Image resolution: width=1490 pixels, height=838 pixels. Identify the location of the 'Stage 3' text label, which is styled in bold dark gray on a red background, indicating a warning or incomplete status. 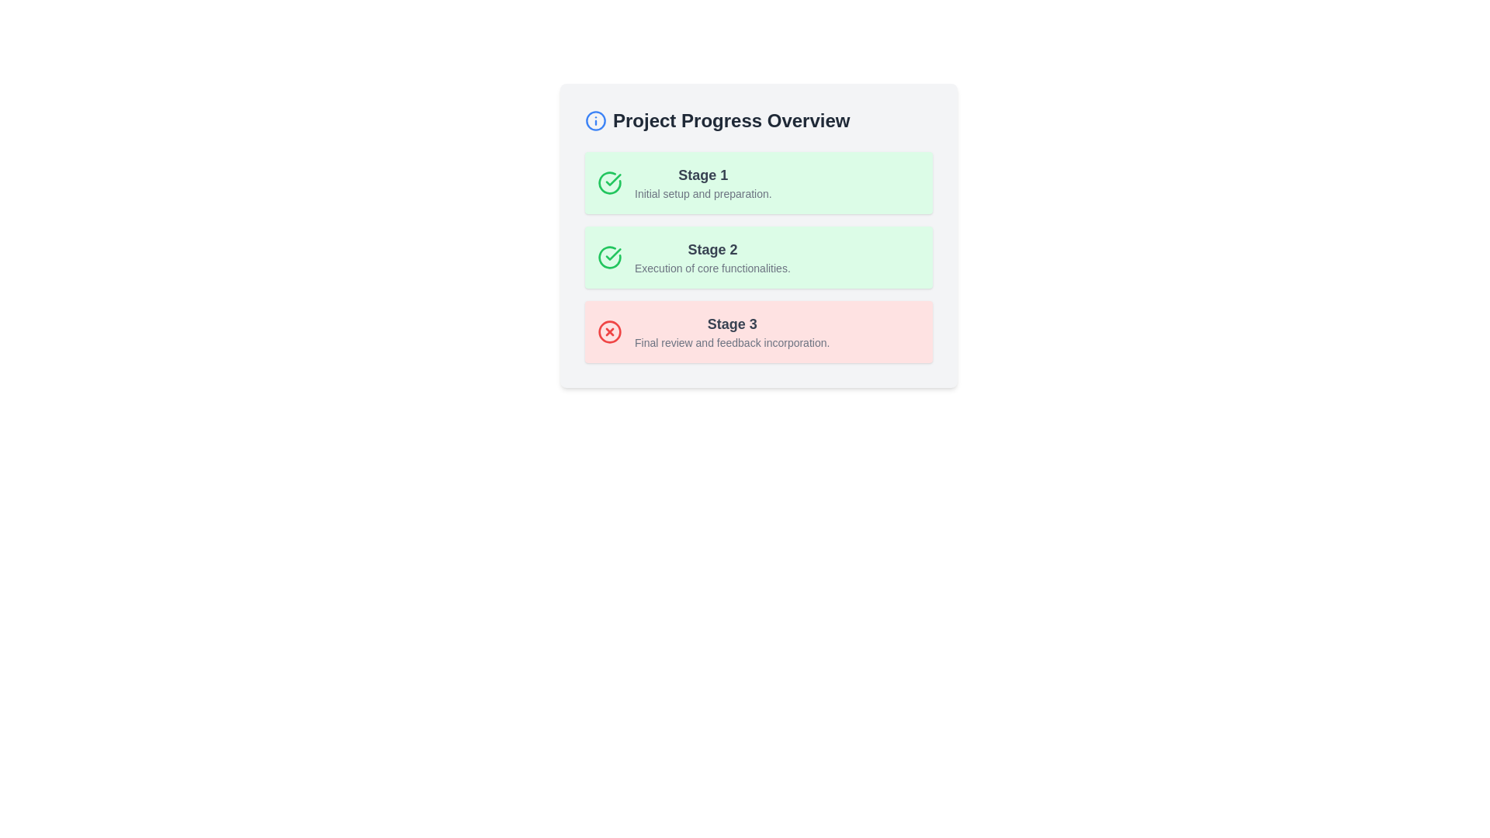
(731, 323).